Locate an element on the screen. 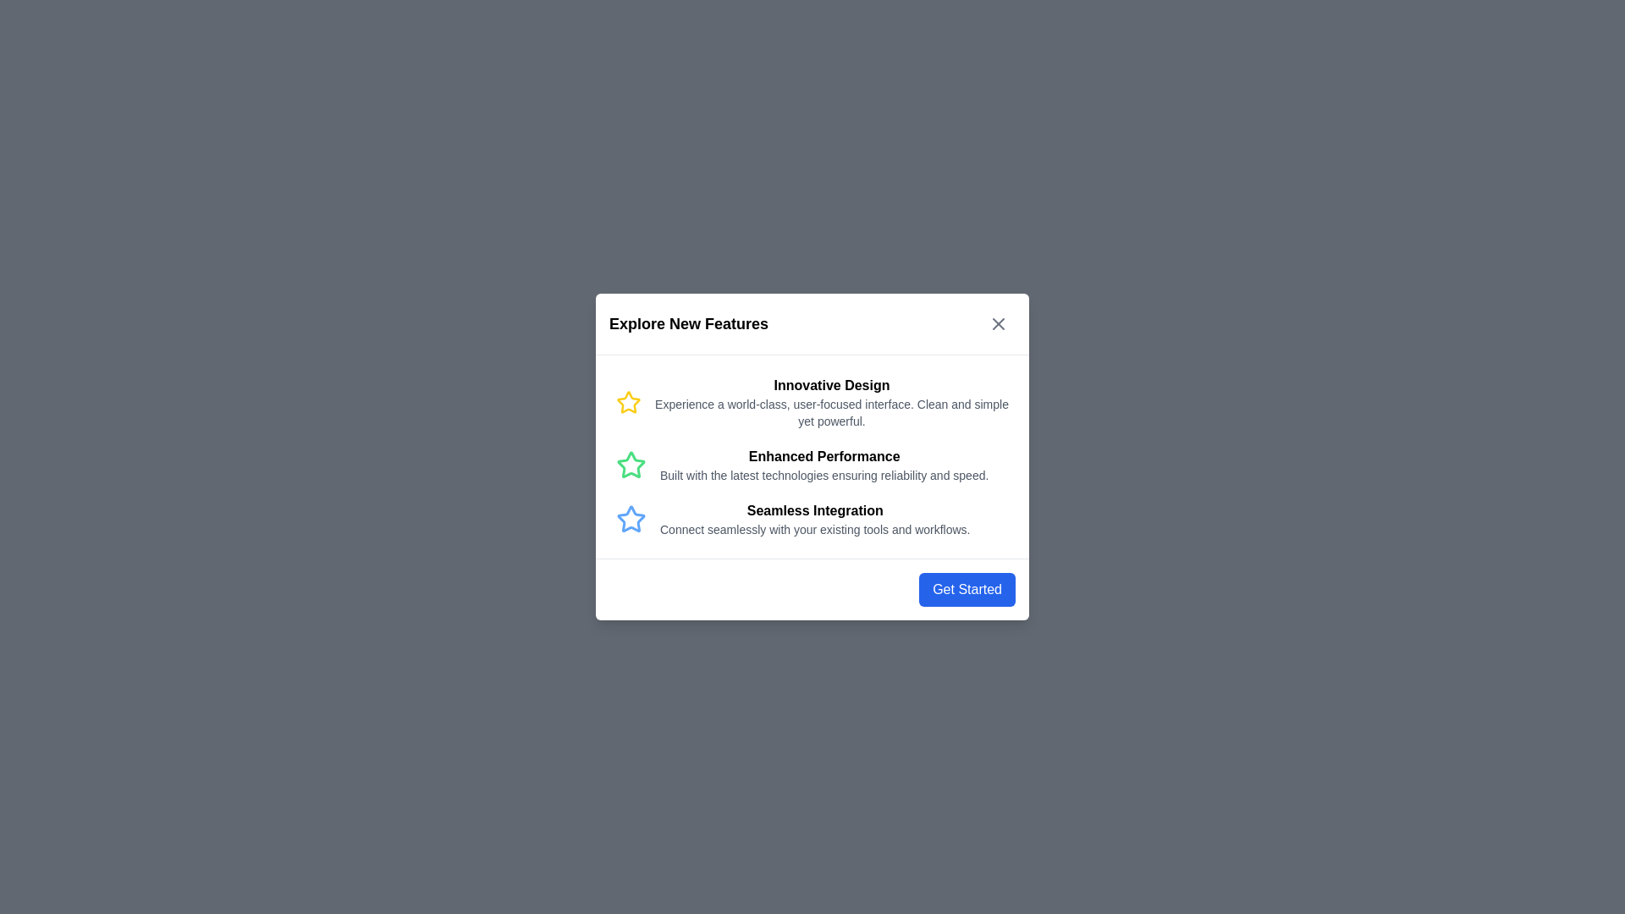 The width and height of the screenshot is (1625, 914). the static text display labeled 'Innovative Design' located in the middle section of the 'Explore New Features' modal window is located at coordinates (832, 402).